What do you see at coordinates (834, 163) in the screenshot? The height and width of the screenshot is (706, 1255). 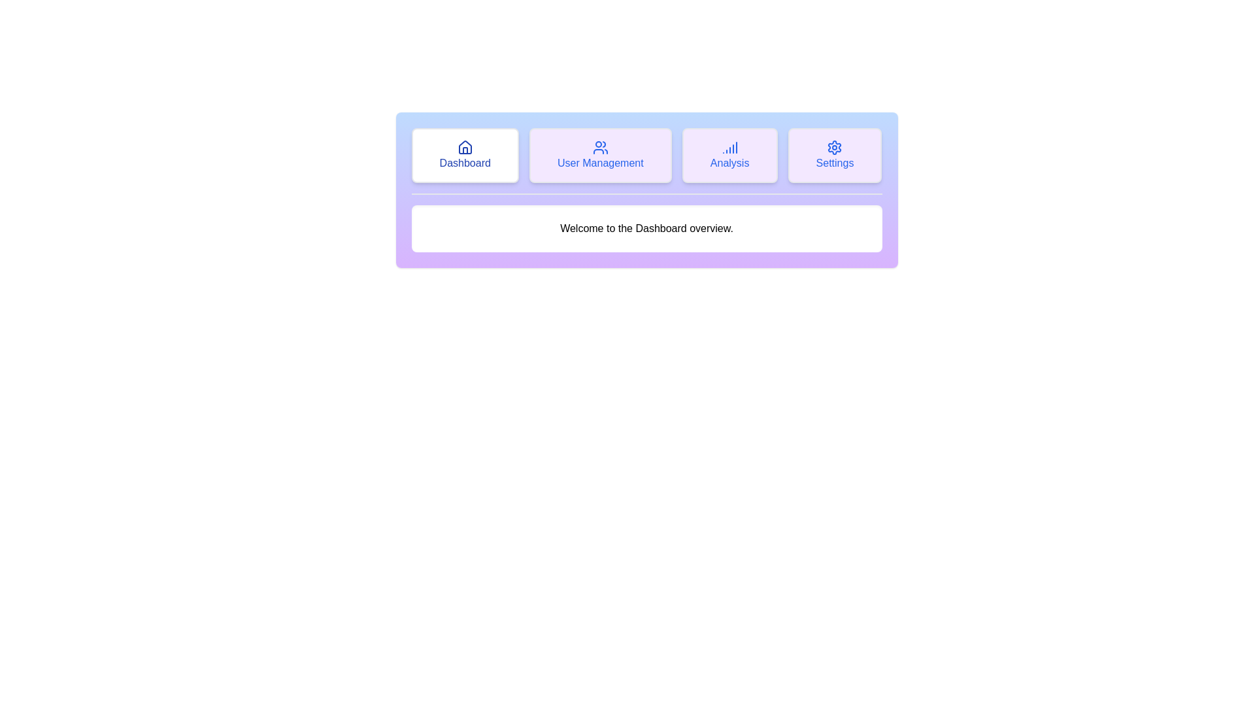 I see `the 'Settings' text label, which is styled in blue and located beneath a gear icon` at bounding box center [834, 163].